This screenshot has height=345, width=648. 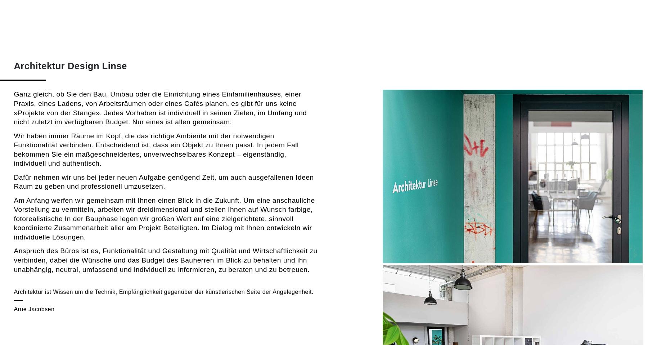 What do you see at coordinates (485, 287) in the screenshot?
I see `'Bau eines hochwertigen Einfamilienhauses in Hanglage in Erfurt (Privater Auftraggeber)'` at bounding box center [485, 287].